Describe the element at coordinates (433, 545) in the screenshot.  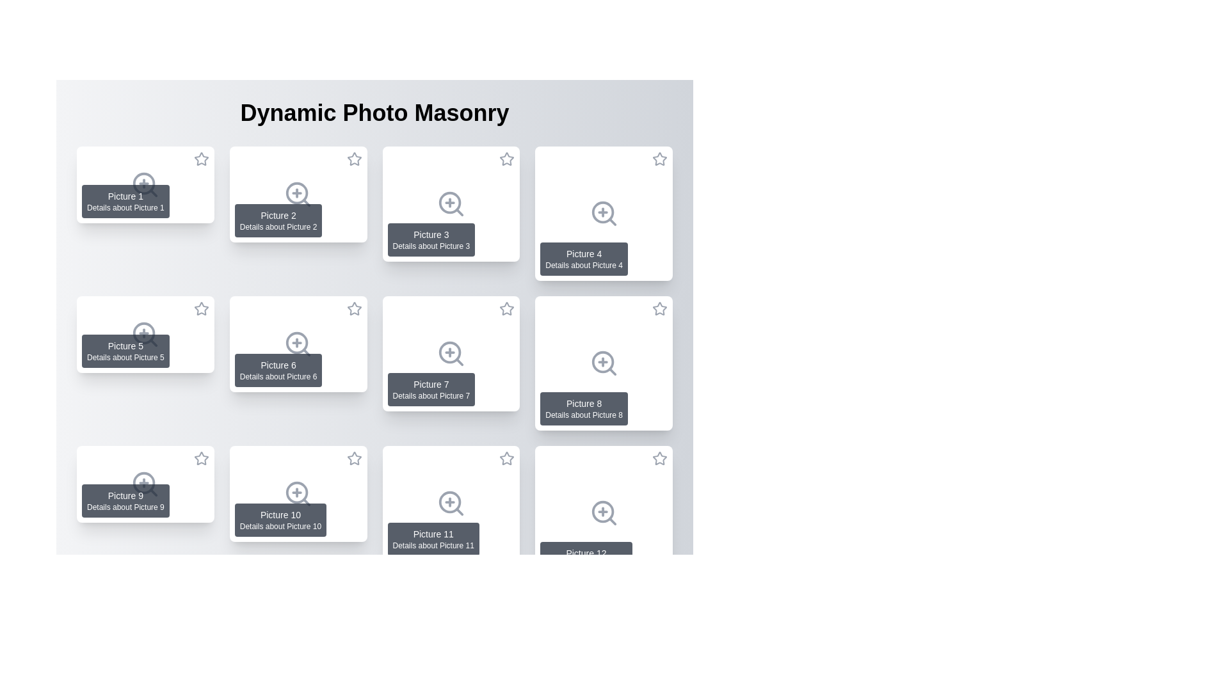
I see `the subtitle or description text label located in the bottom section of the card labeled 'Picture 11', specifically the second and smaller text component at the lower-left corner` at that location.